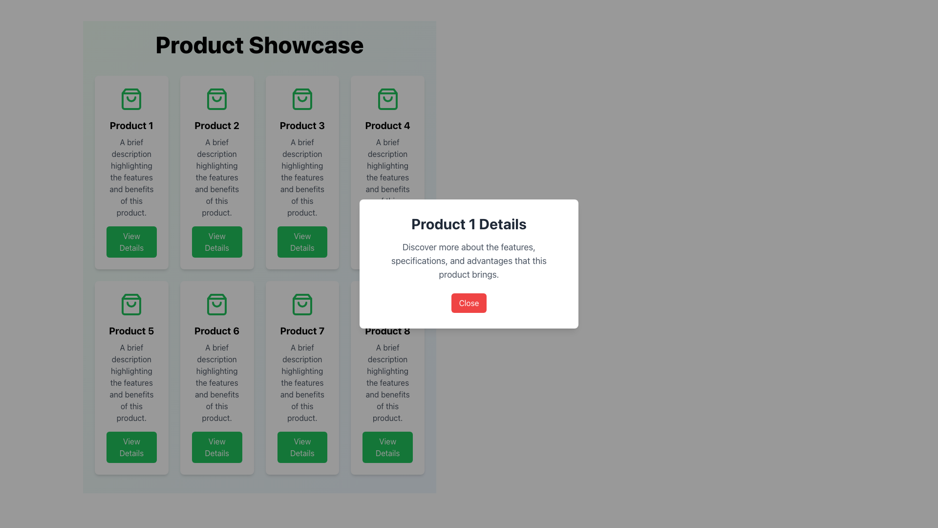 This screenshot has width=938, height=528. What do you see at coordinates (216, 177) in the screenshot?
I see `the descriptive text label that provides features and benefits of 'Product 2', located centrally in the second column of the first row of the grid, below the title 'Product 2' and above the 'View Details' button` at bounding box center [216, 177].